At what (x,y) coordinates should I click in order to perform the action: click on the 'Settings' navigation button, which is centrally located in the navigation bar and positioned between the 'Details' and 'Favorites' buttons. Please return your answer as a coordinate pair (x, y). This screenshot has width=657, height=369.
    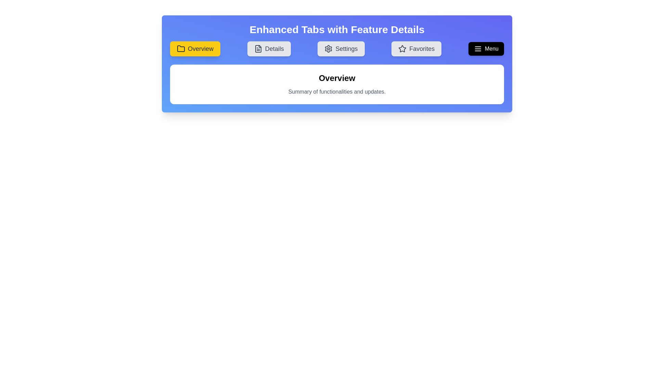
    Looking at the image, I should click on (341, 48).